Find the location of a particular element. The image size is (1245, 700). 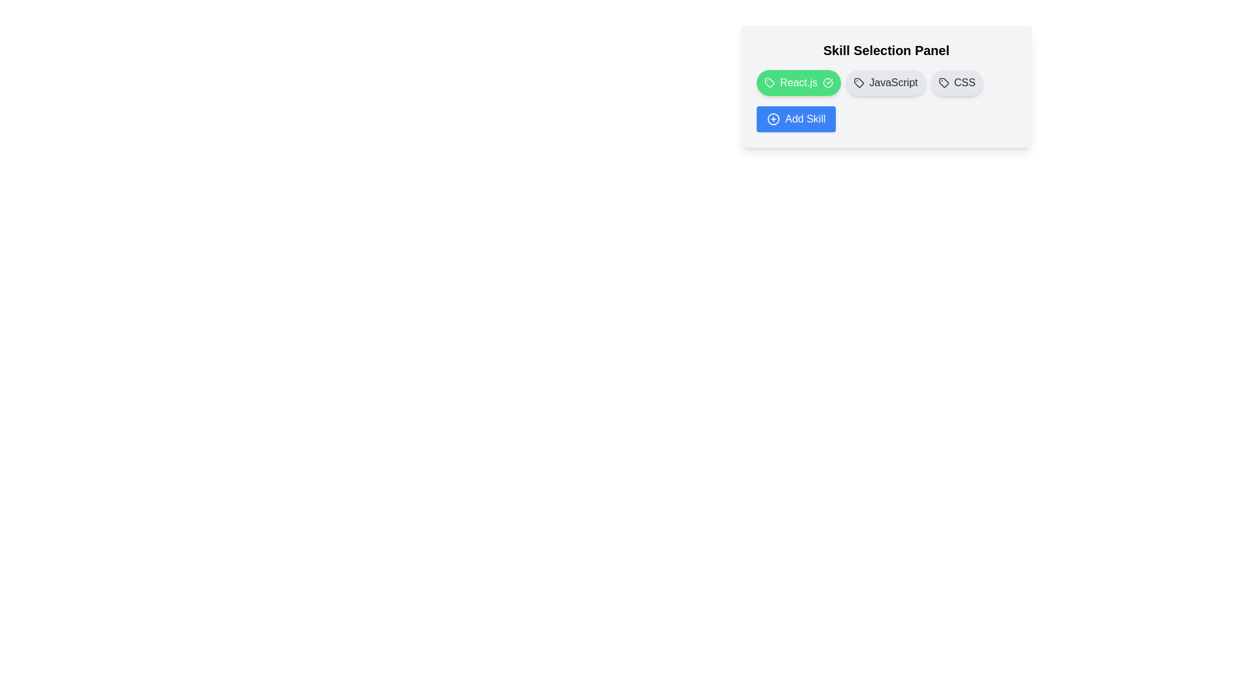

the 'CSS' skill tag, which is the third tag in the horizontally arranged Skill Selection Panel, featuring a light gray background and dark gray text is located at coordinates (956, 82).